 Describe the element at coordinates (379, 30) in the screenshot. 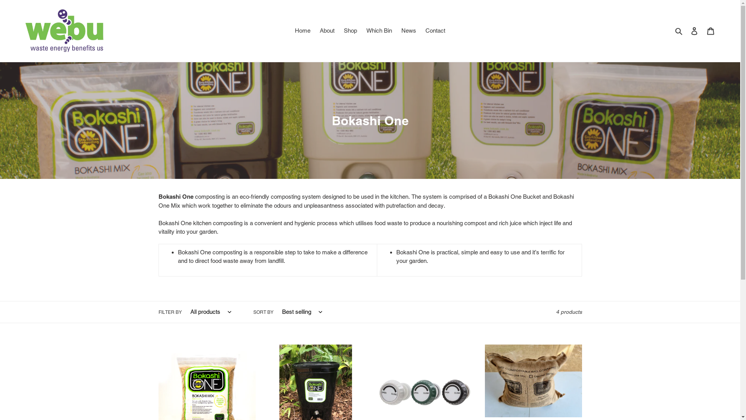

I see `'Which Bin'` at that location.